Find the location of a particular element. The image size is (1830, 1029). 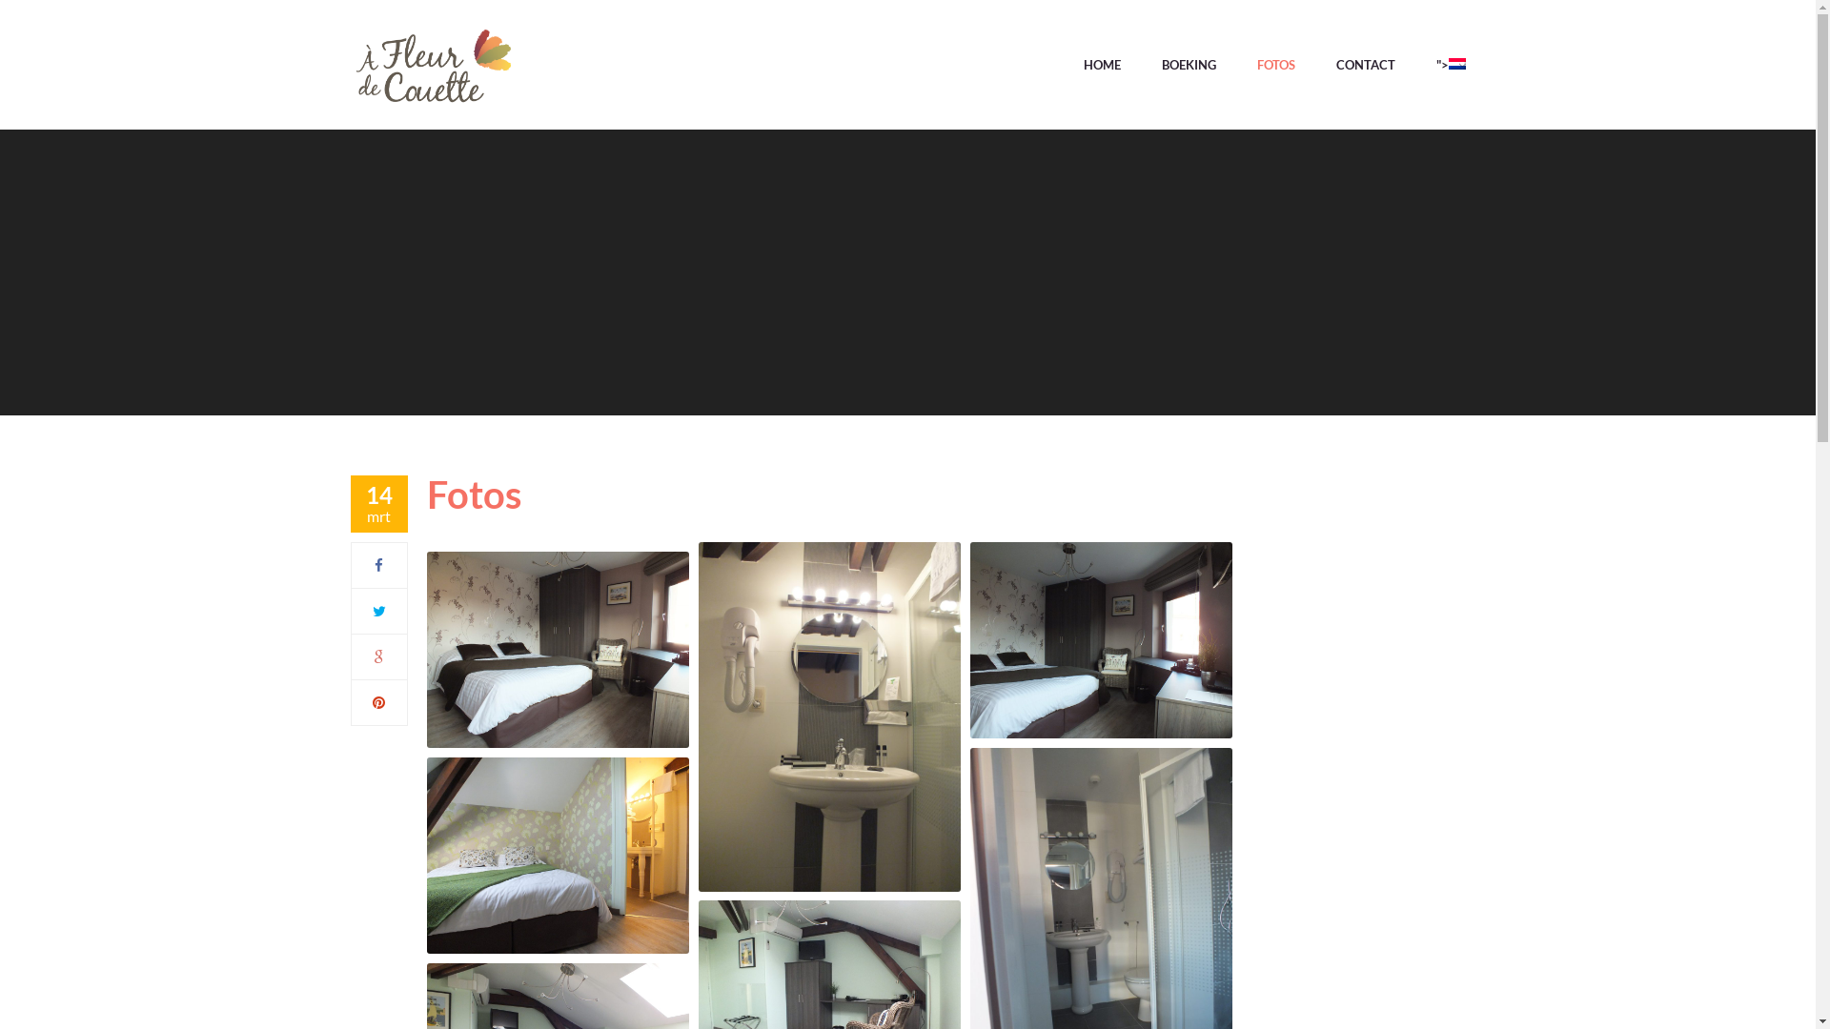

'FOTOS' is located at coordinates (1275, 69).